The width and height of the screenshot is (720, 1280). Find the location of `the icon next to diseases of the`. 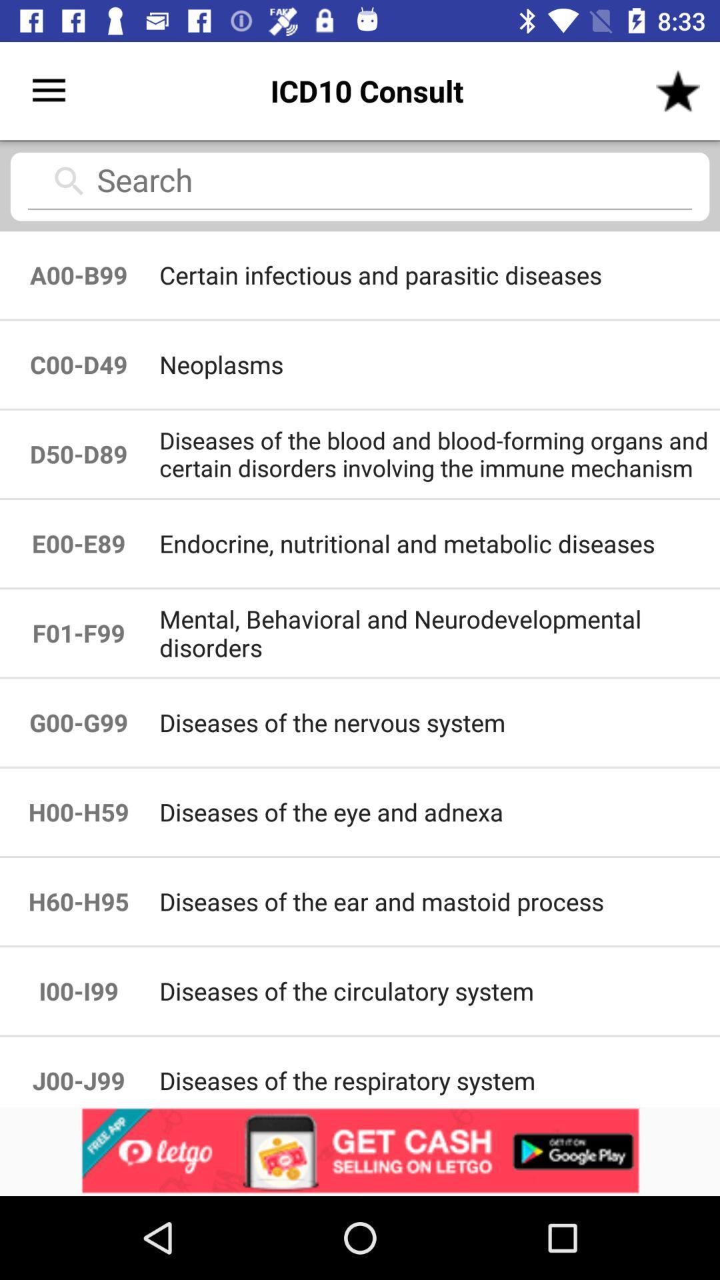

the icon next to diseases of the is located at coordinates (79, 811).